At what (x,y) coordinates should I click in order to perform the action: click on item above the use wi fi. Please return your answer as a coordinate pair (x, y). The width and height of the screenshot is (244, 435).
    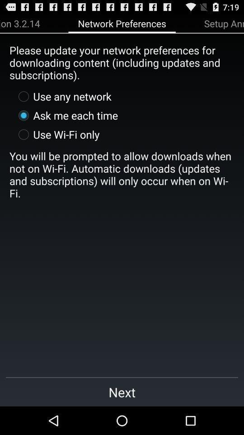
    Looking at the image, I should click on (66, 115).